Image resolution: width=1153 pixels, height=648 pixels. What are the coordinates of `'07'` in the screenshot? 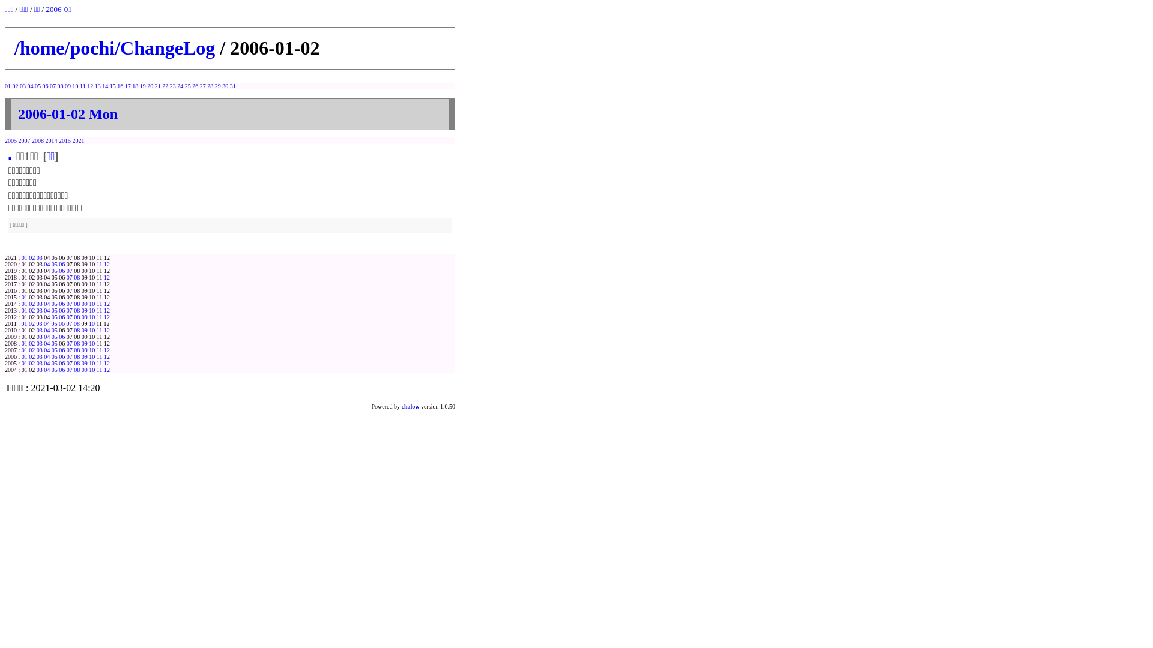 It's located at (68, 369).